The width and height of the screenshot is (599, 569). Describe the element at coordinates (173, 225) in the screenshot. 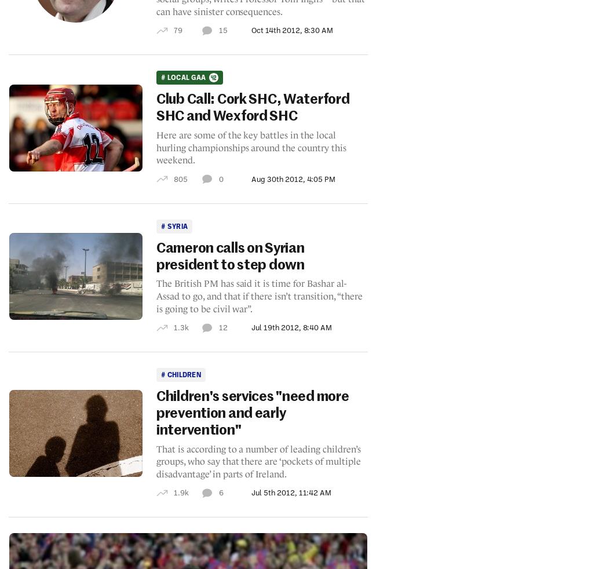

I see `'# Syria'` at that location.